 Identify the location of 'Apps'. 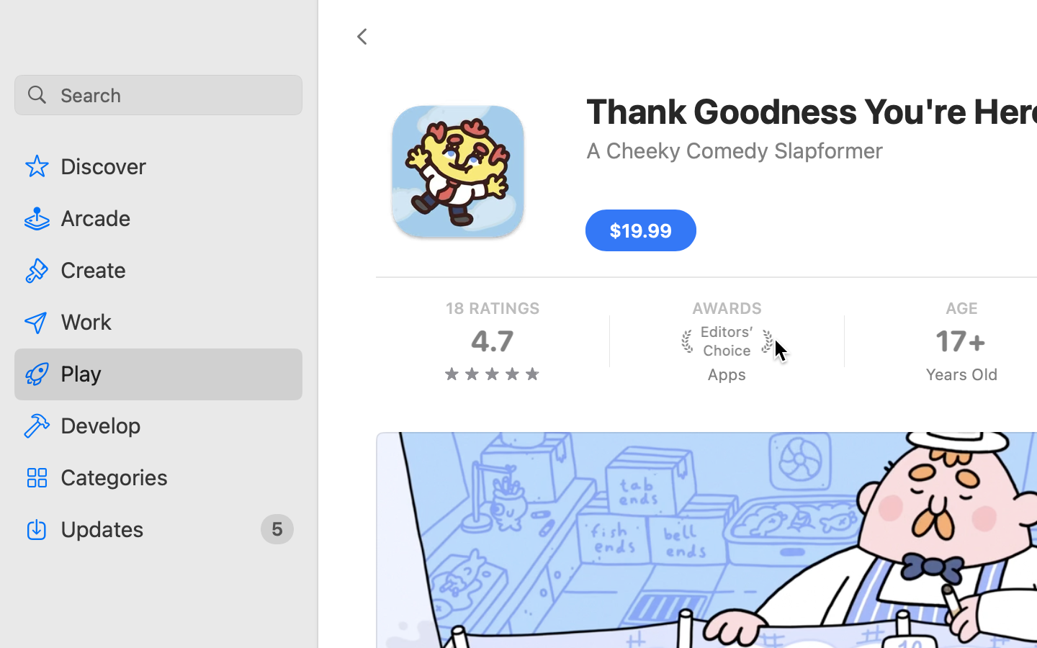
(724, 374).